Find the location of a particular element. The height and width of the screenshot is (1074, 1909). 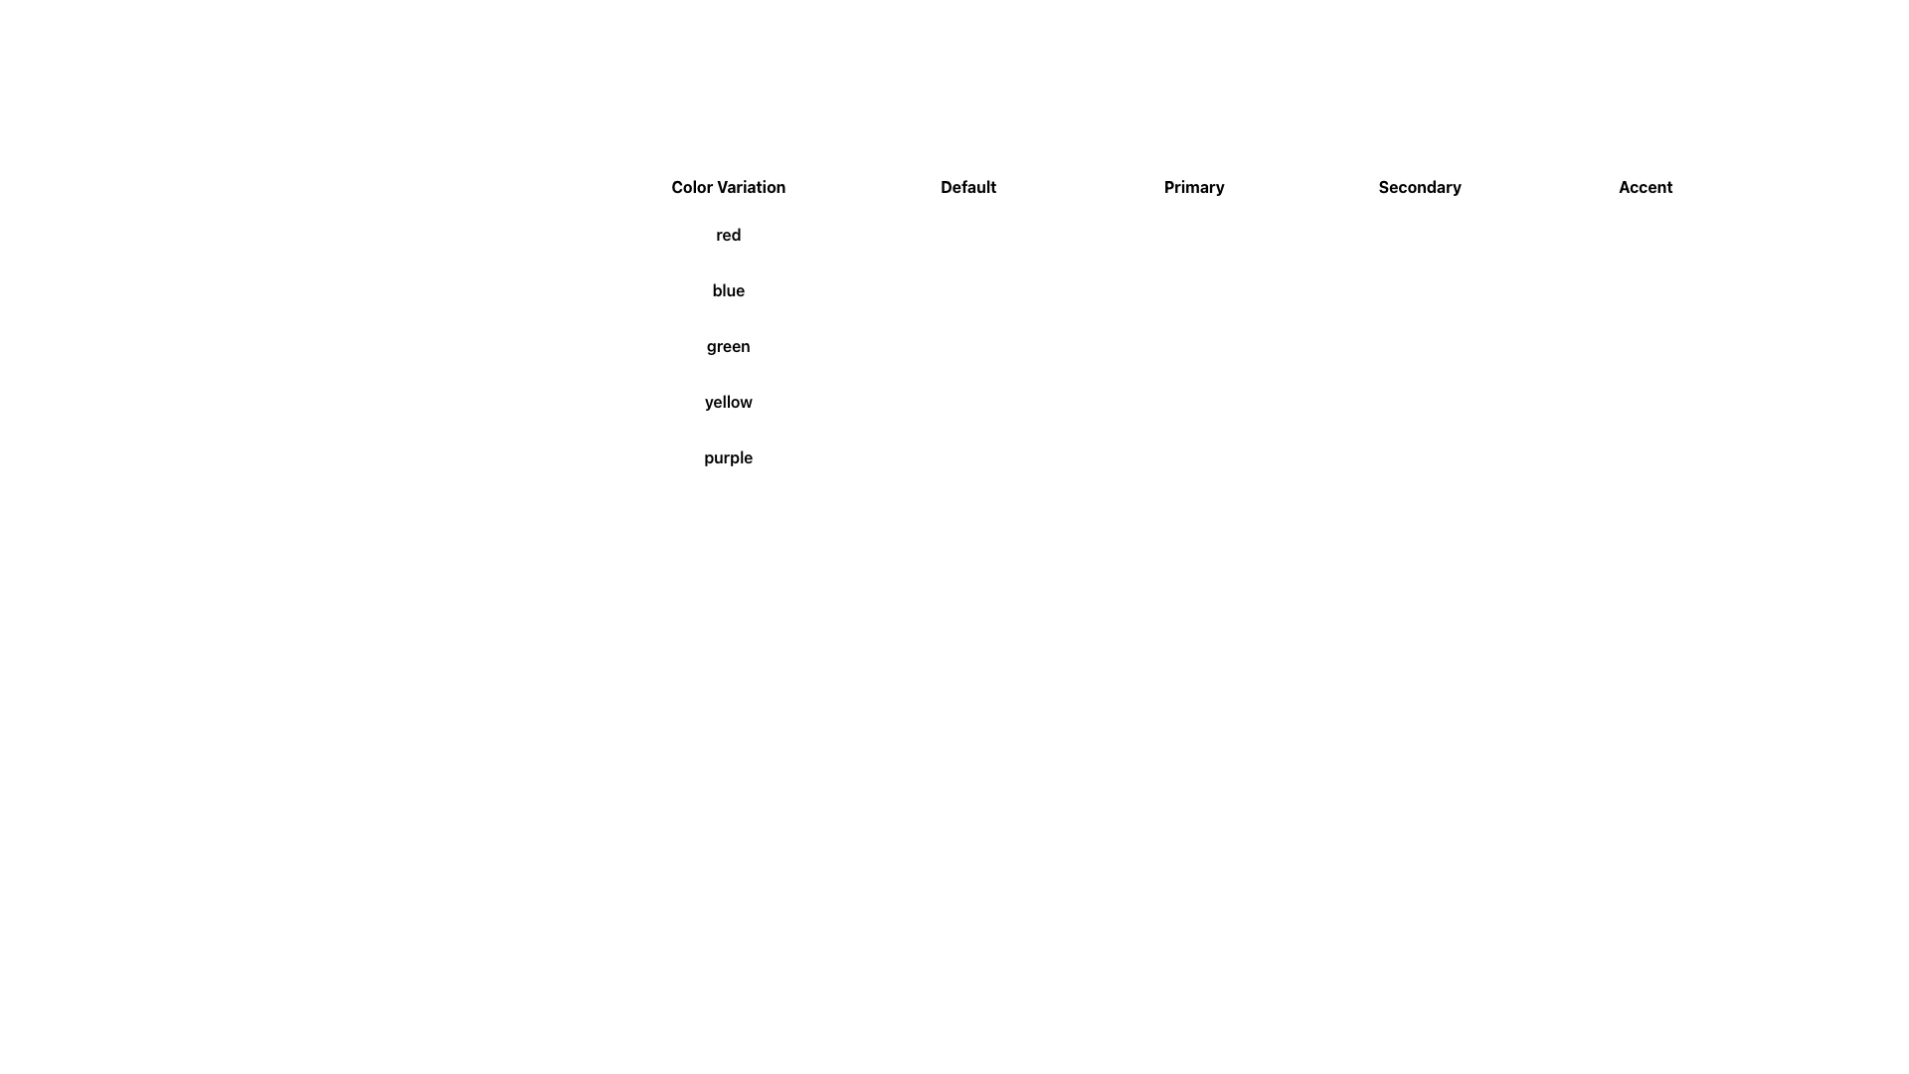

the text label indicating the color variant 'blue' in the 'Color Variation' column, which is positioned between 'red' and 'green' is located at coordinates (968, 290).